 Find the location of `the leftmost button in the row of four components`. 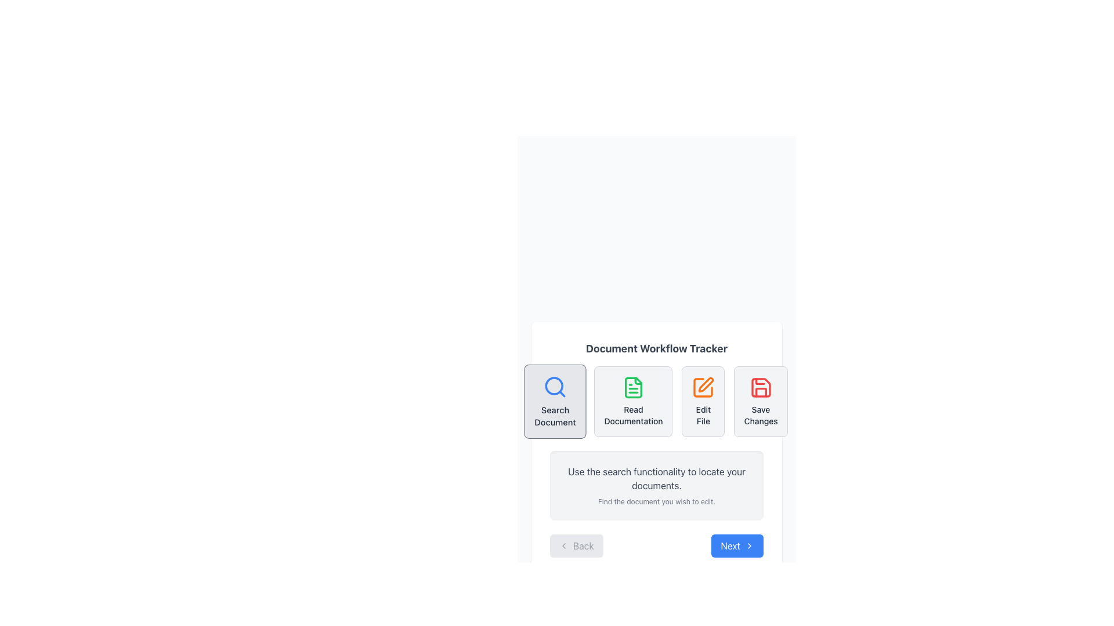

the leftmost button in the row of four components is located at coordinates (555, 401).